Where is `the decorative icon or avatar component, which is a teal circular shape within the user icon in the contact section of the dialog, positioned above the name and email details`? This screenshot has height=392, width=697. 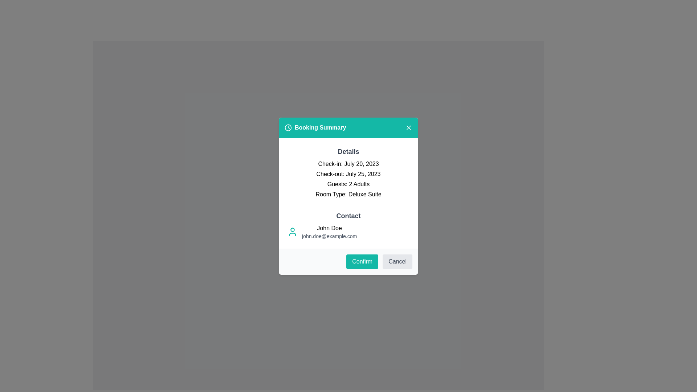 the decorative icon or avatar component, which is a teal circular shape within the user icon in the contact section of the dialog, positioned above the name and email details is located at coordinates (293, 229).